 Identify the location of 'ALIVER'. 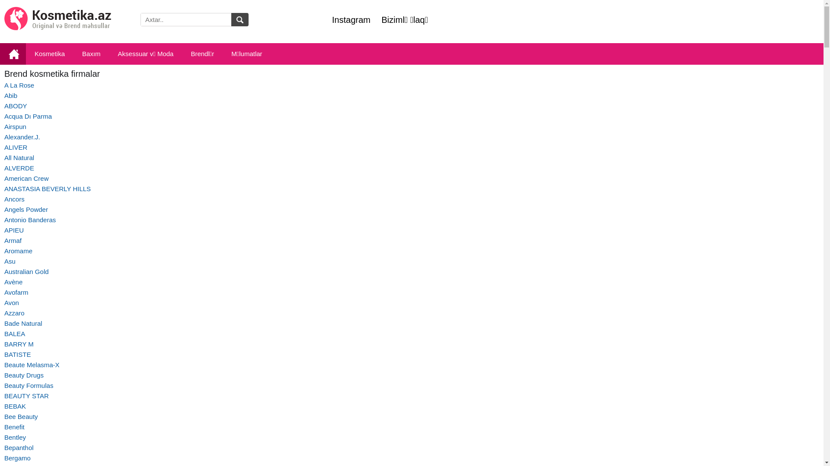
(16, 147).